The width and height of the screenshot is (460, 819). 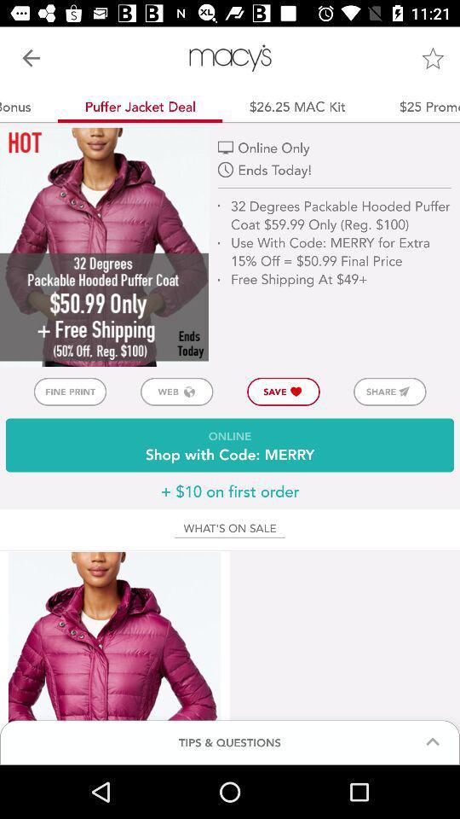 I want to click on $10 bonus app, so click(x=28, y=105).